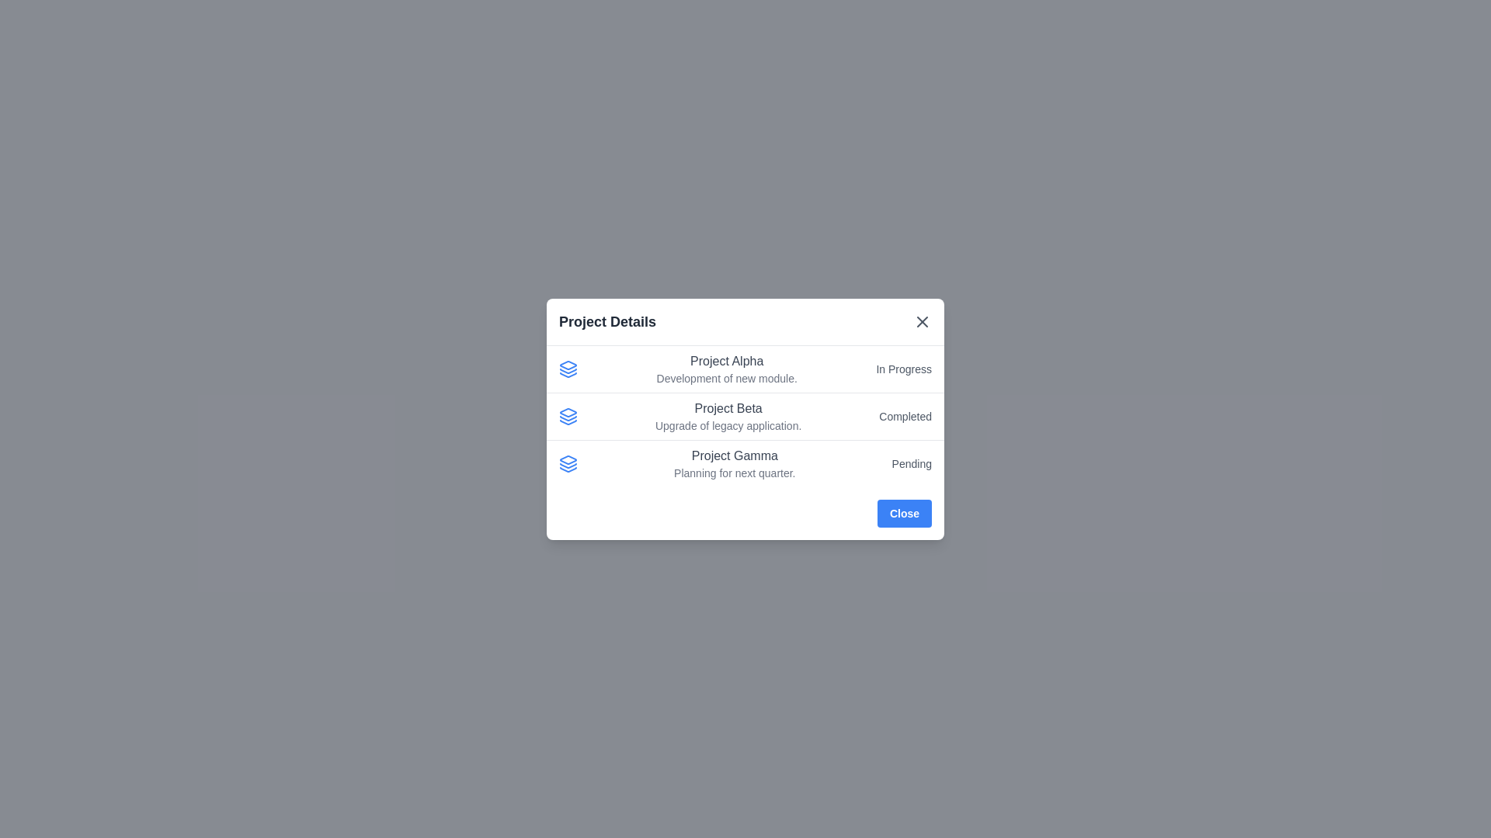 Image resolution: width=1491 pixels, height=838 pixels. I want to click on the project icon for Project Beta, so click(567, 415).